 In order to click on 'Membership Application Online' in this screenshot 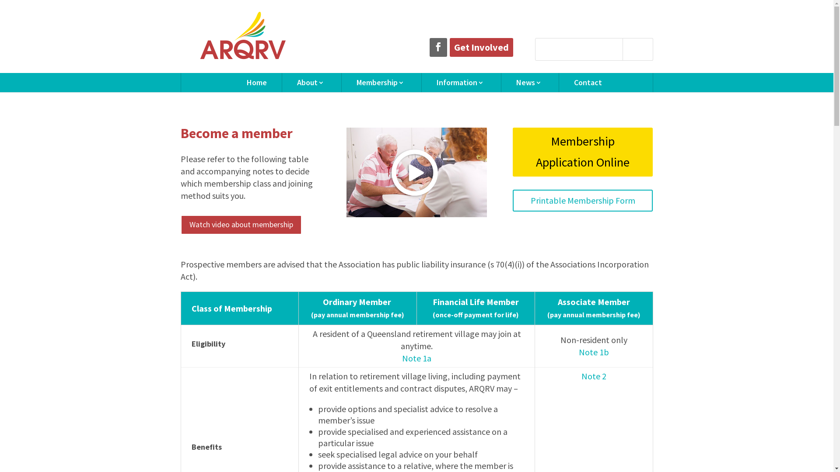, I will do `click(583, 151)`.